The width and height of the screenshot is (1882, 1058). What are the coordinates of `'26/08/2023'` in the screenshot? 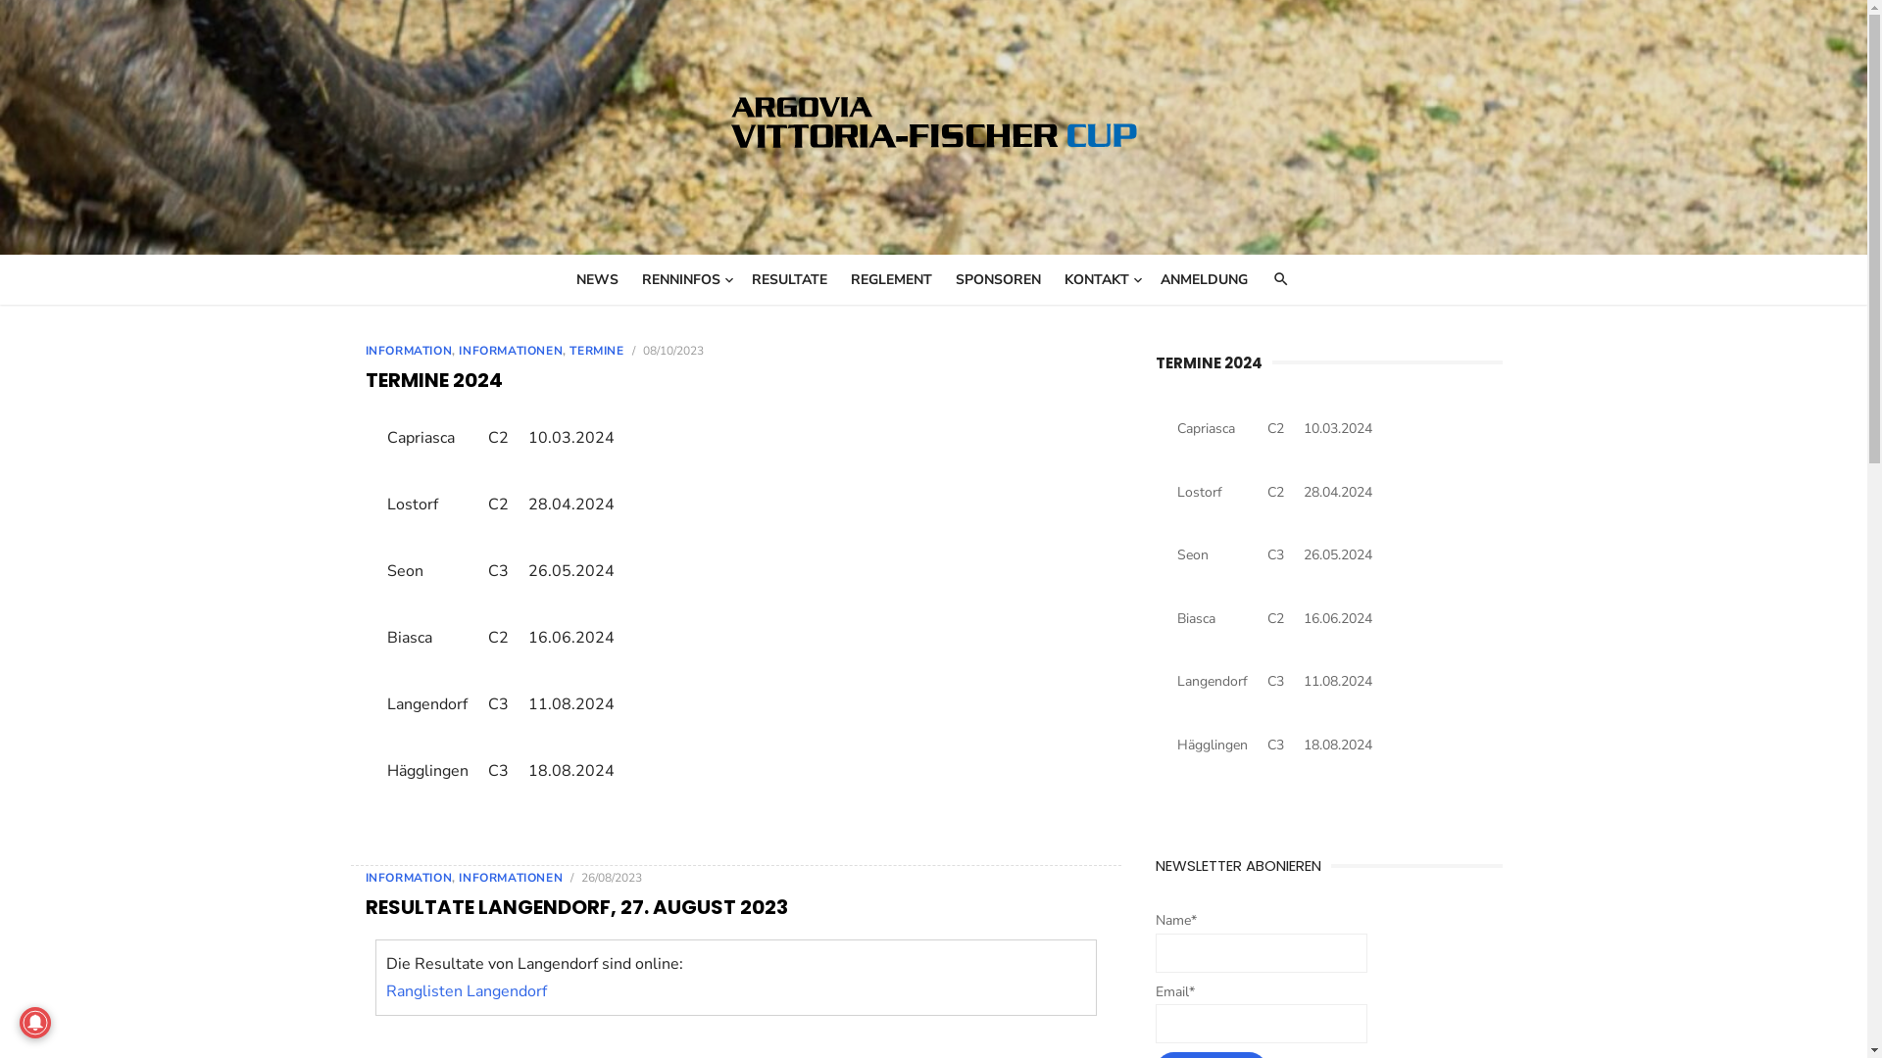 It's located at (611, 876).